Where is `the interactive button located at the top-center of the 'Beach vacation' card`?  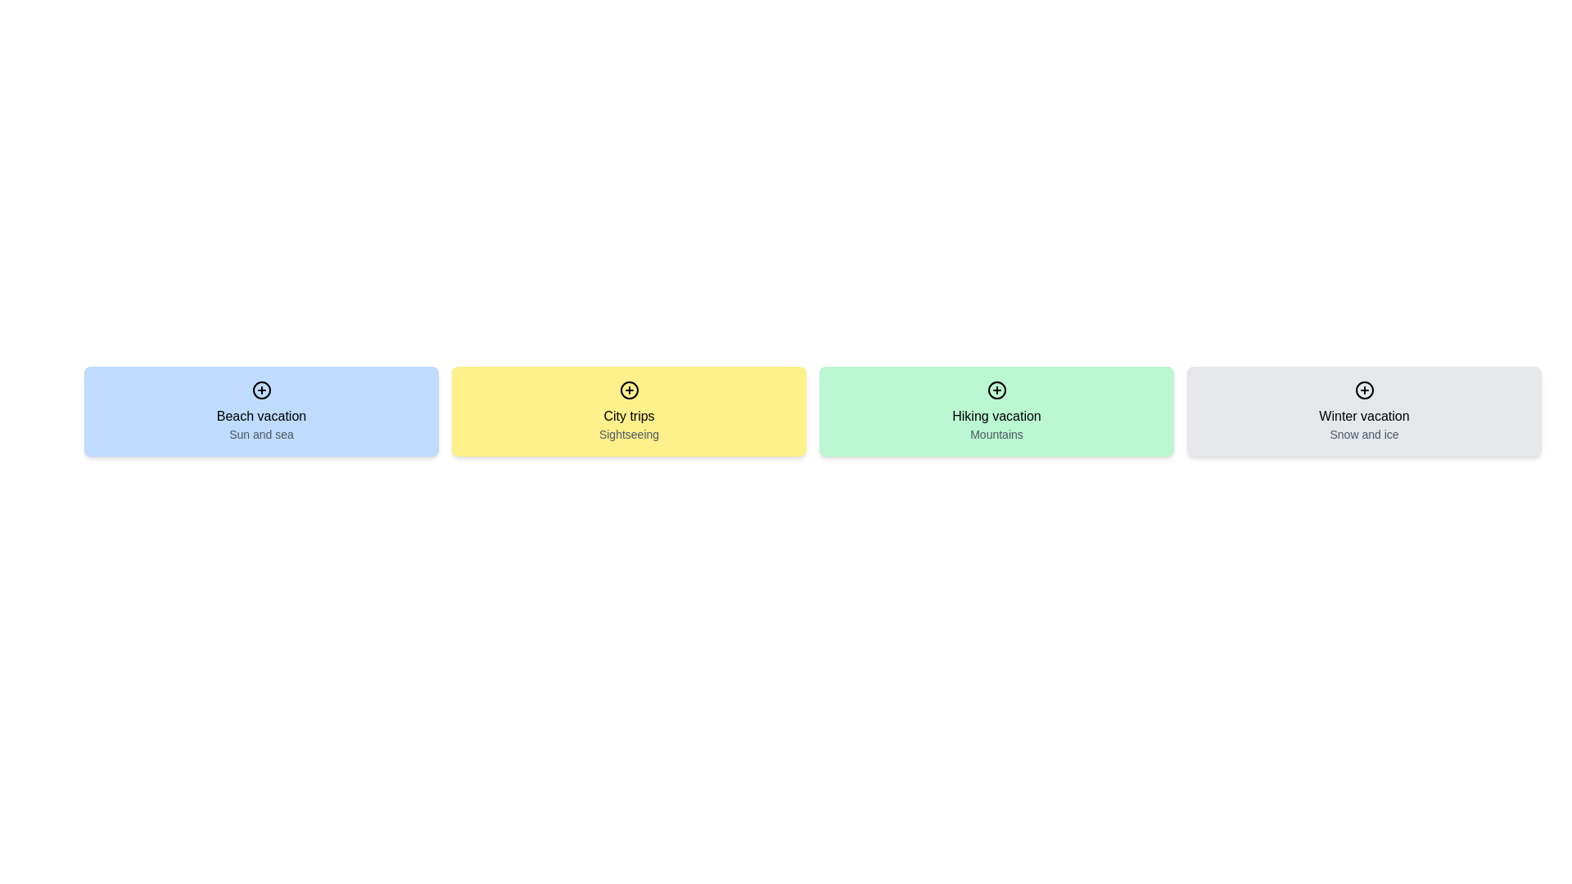
the interactive button located at the top-center of the 'Beach vacation' card is located at coordinates (260, 390).